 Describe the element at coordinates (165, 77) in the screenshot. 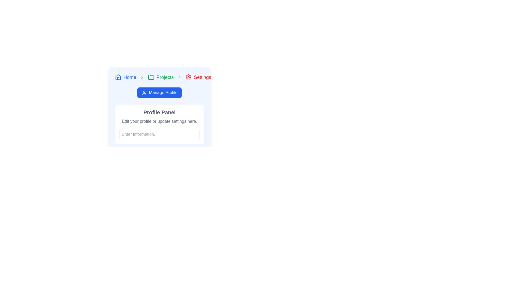

I see `the 'Projects' hyperlink in the breadcrumb navigation bar to darken its green color, indicating interactivity` at that location.